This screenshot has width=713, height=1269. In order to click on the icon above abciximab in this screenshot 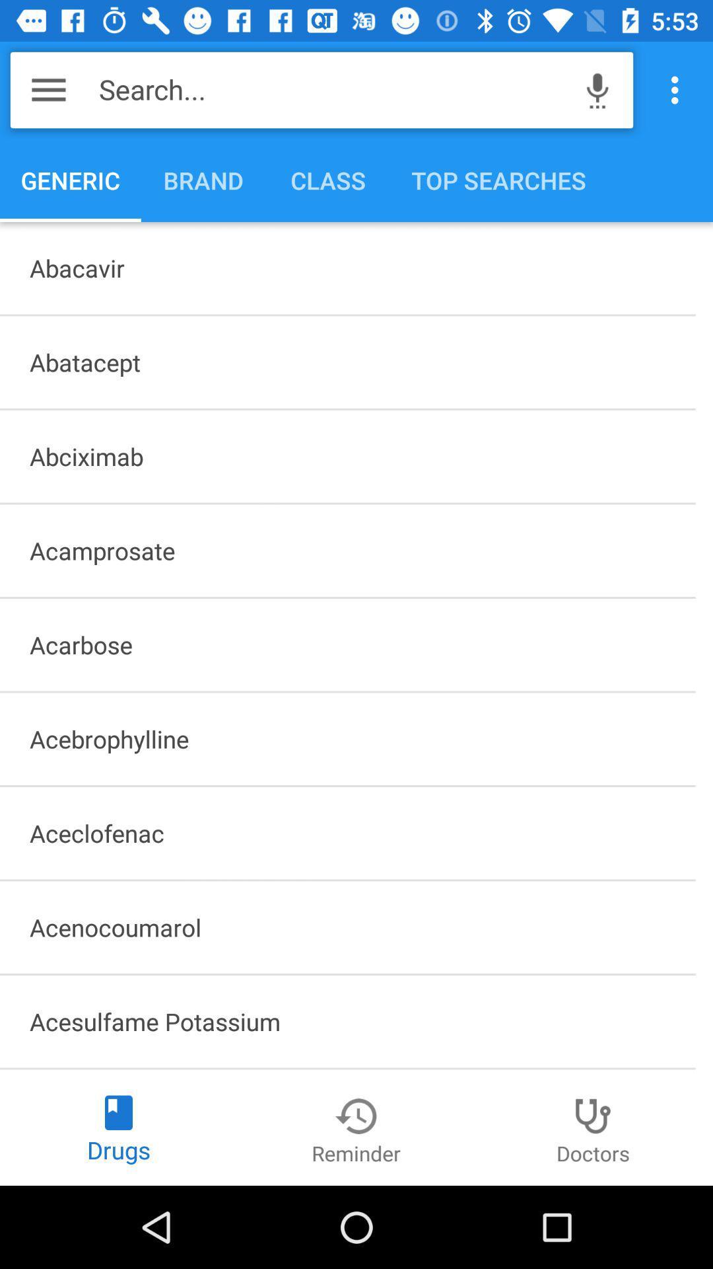, I will do `click(347, 362)`.